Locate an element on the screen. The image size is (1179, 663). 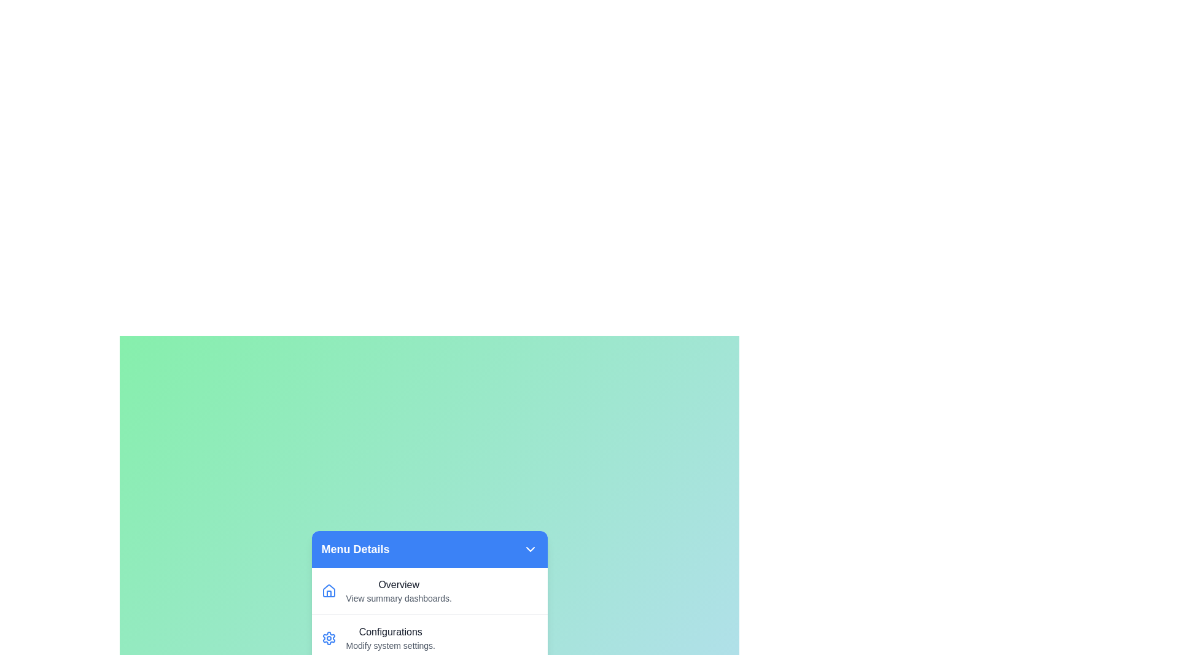
the icon corresponding to the menu item Overview is located at coordinates (329, 591).